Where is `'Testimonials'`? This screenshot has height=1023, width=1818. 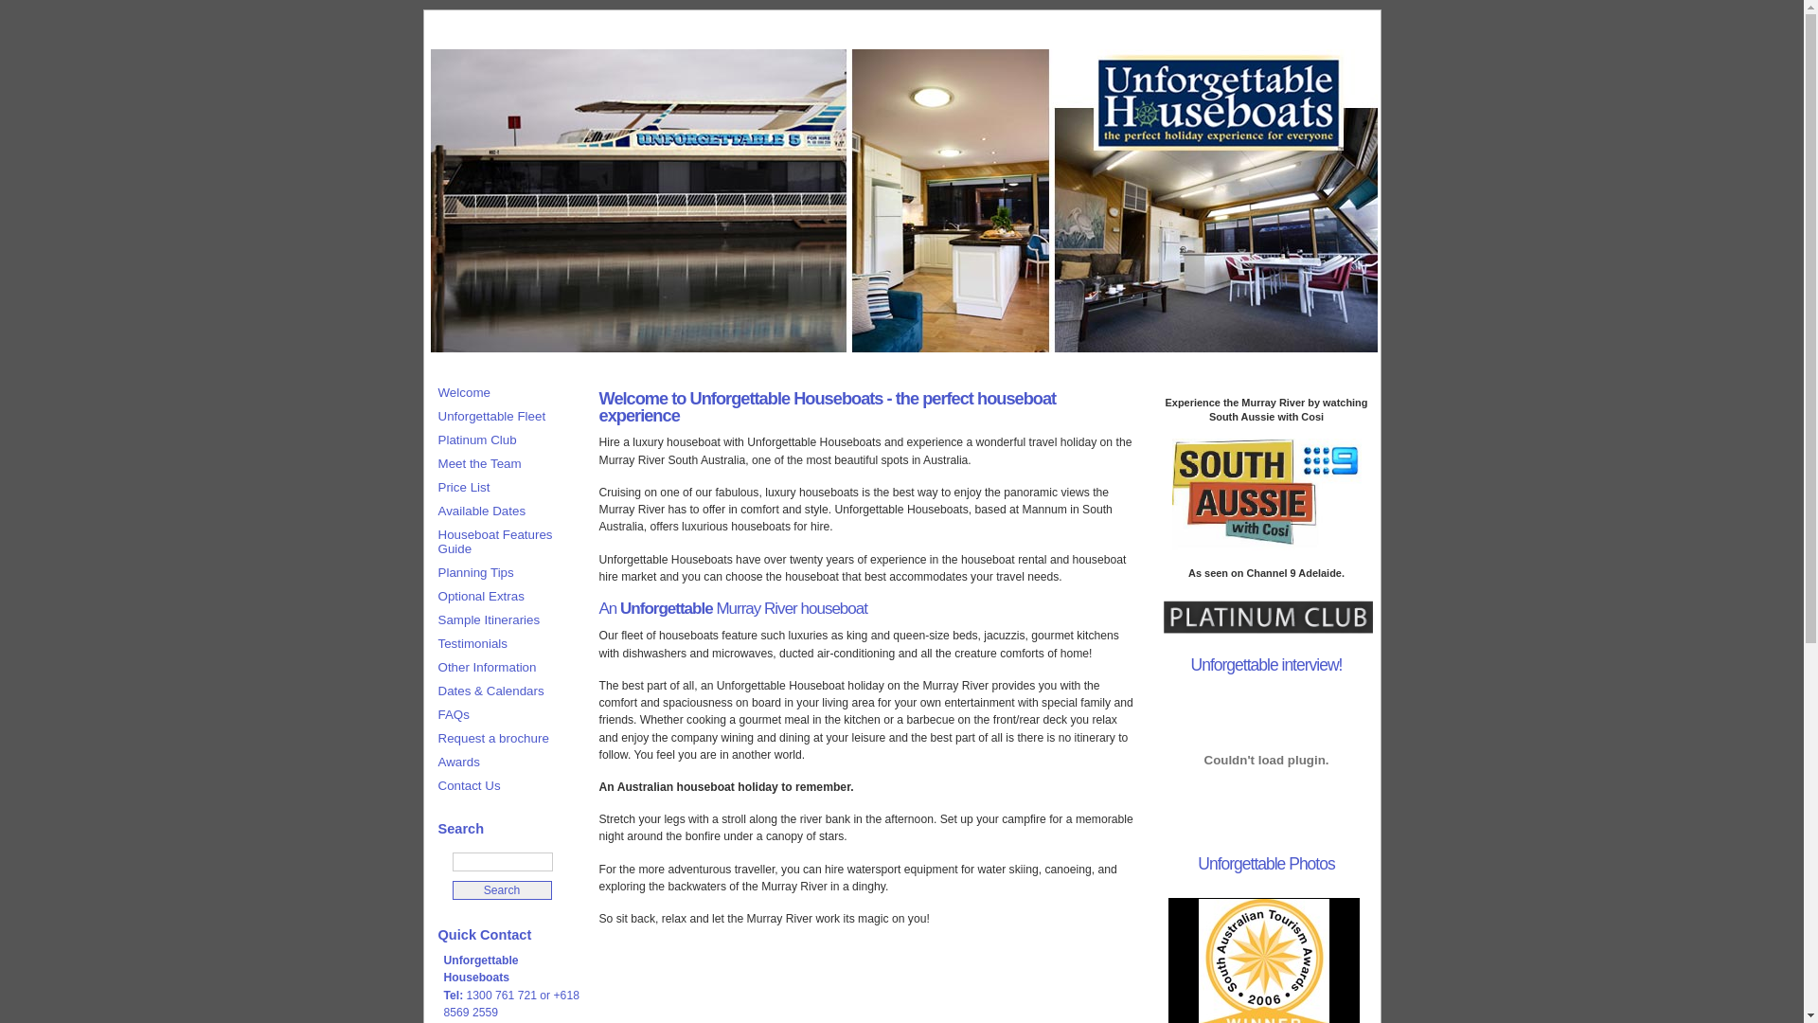 'Testimonials' is located at coordinates (506, 642).